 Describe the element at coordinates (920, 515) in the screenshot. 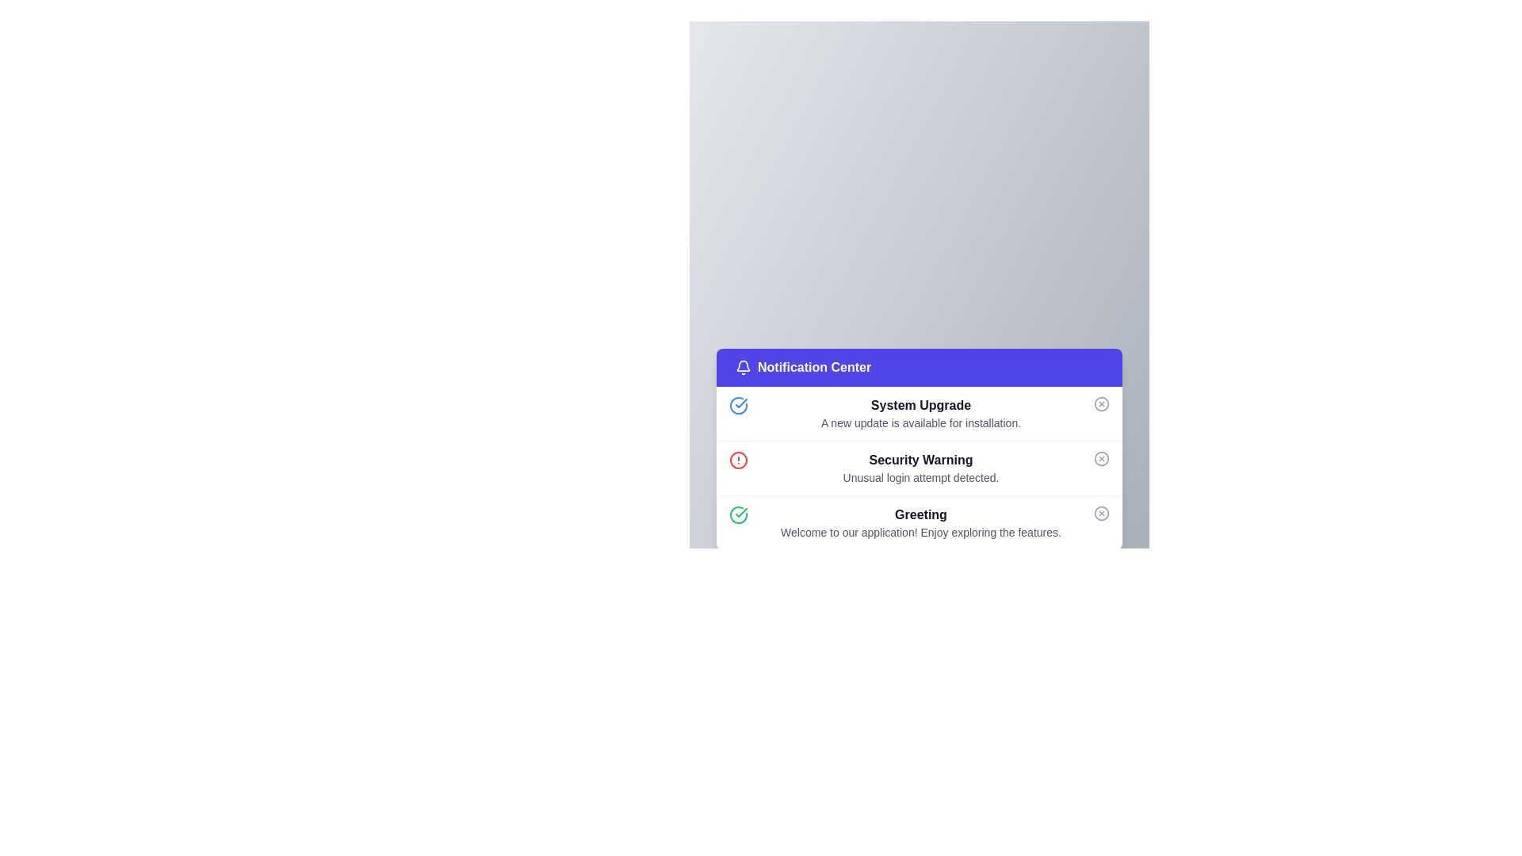

I see `heading label located at the bottom-center of the interface, which serves as the title for the associated informational content underneath it` at that location.